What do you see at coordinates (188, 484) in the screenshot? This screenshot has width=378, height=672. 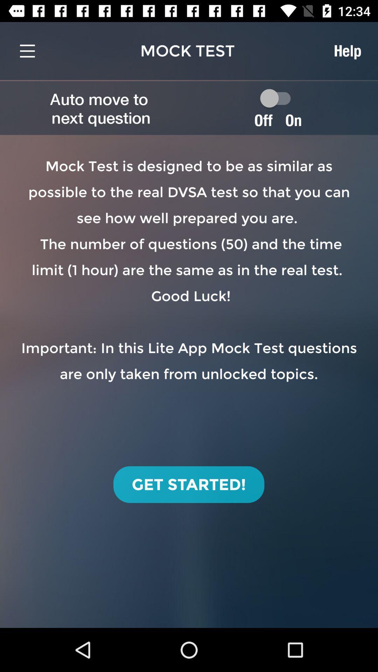 I see `icon below mock test is item` at bounding box center [188, 484].